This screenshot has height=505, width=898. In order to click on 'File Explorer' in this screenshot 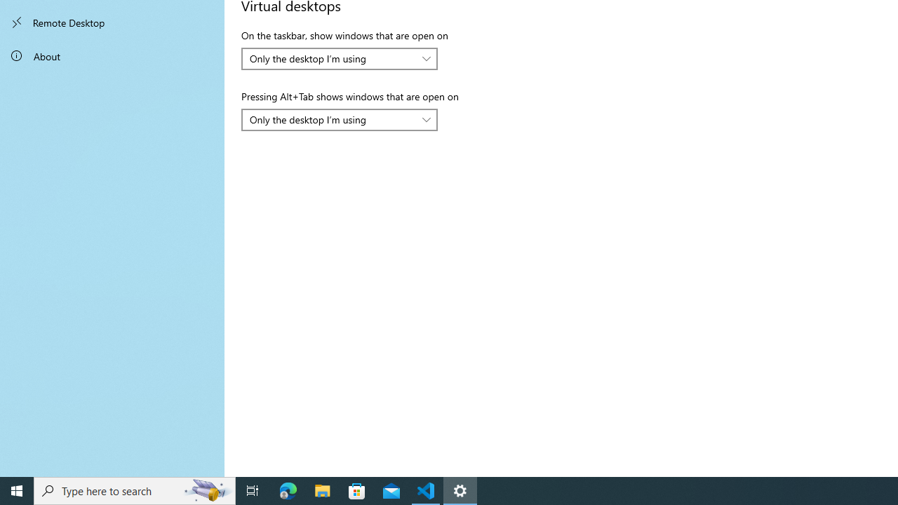, I will do `click(322, 490)`.